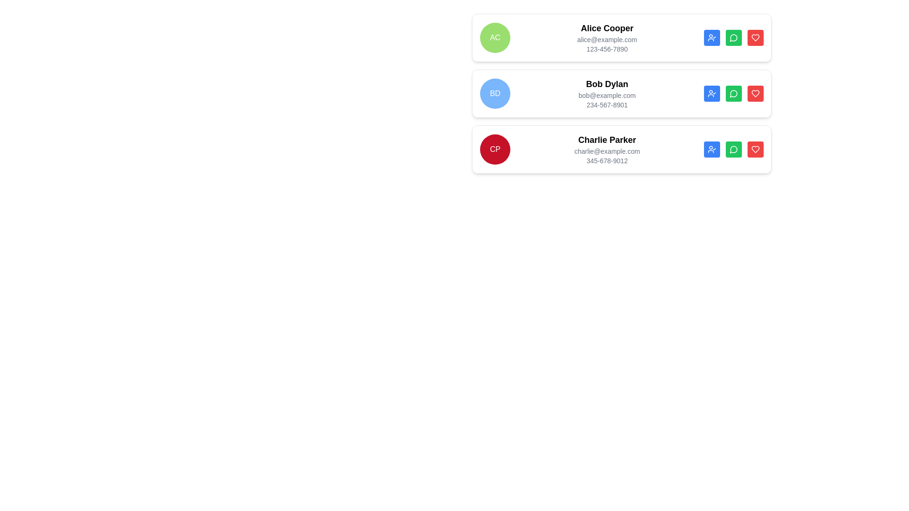 This screenshot has height=511, width=909. I want to click on the user approval icon located in the first action button from the left in the actions section of the second list item next to the contact entry for 'Bob Dylan', so click(712, 93).